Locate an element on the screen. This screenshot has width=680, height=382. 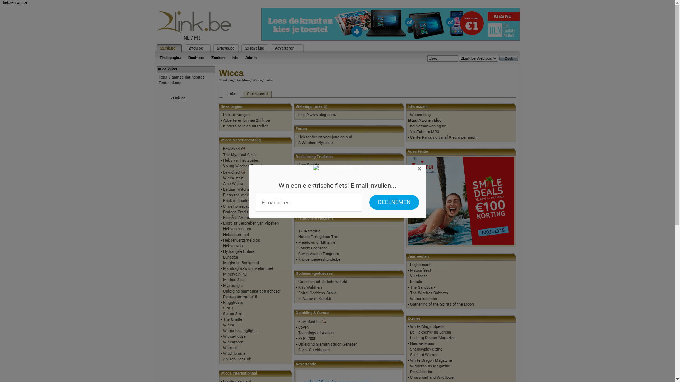
'The Witches Sabbats' is located at coordinates (429, 293).